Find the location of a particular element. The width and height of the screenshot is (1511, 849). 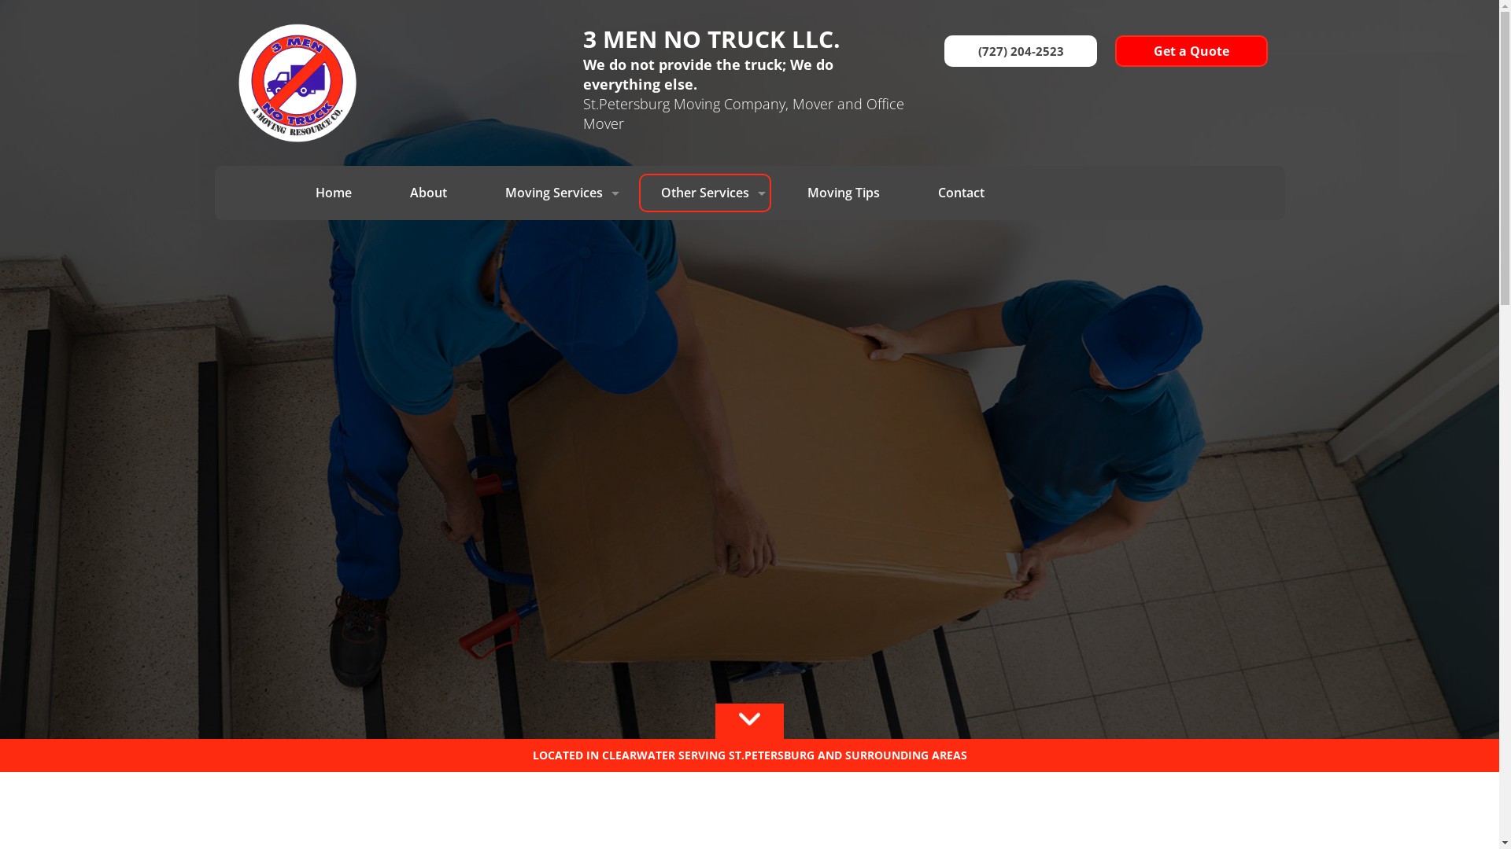

'Furniture Disassembly and Reassembly' is located at coordinates (704, 346).